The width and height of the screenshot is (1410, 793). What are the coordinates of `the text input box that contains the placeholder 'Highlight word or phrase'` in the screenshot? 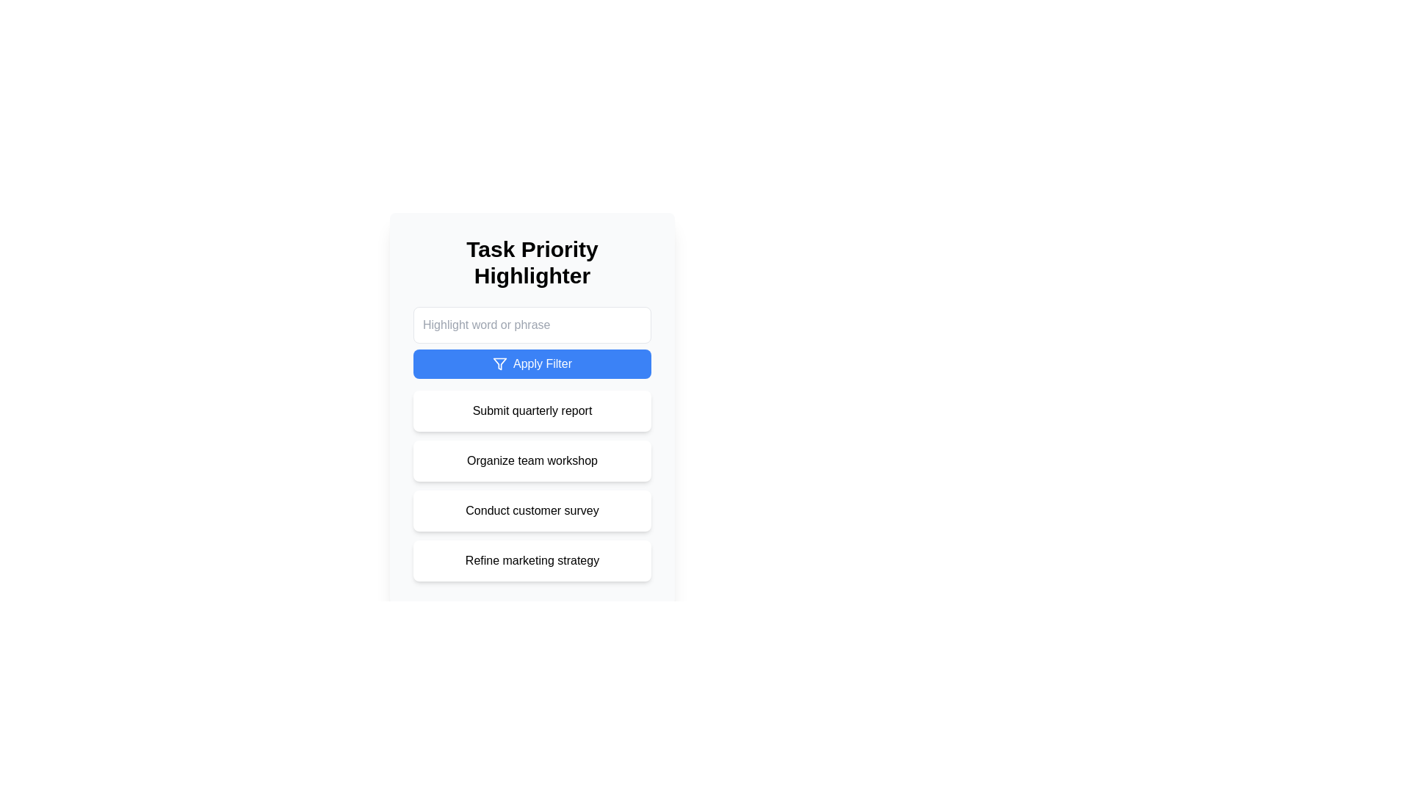 It's located at (531, 325).